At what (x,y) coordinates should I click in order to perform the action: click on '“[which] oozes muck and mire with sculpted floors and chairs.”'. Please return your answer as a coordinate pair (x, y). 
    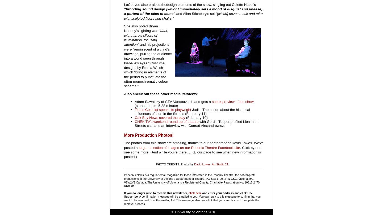
    Looking at the image, I should click on (193, 15).